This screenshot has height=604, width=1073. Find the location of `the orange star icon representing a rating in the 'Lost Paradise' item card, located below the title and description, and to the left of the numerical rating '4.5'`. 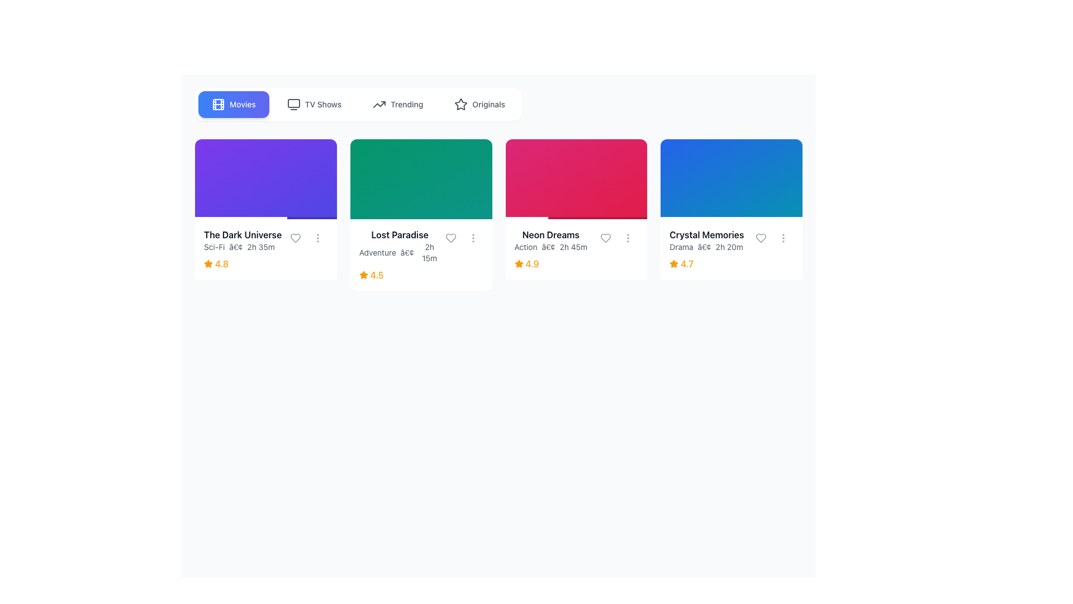

the orange star icon representing a rating in the 'Lost Paradise' item card, located below the title and description, and to the left of the numerical rating '4.5' is located at coordinates (363, 275).